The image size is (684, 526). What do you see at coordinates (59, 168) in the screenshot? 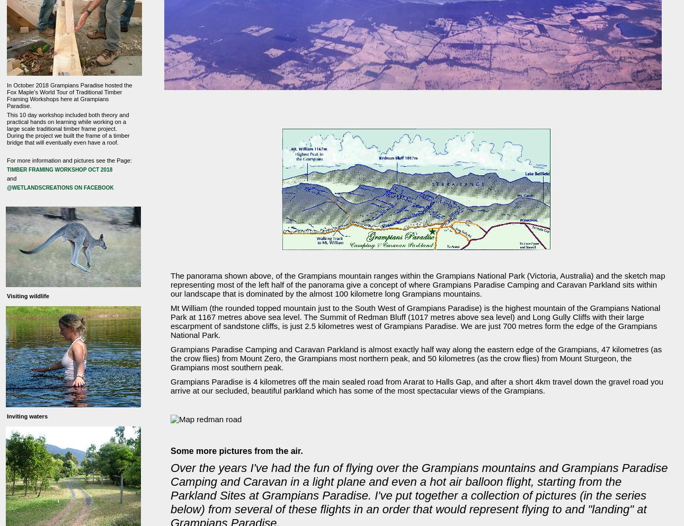
I see `'Timber Framing Workshop Oct 2018'` at bounding box center [59, 168].